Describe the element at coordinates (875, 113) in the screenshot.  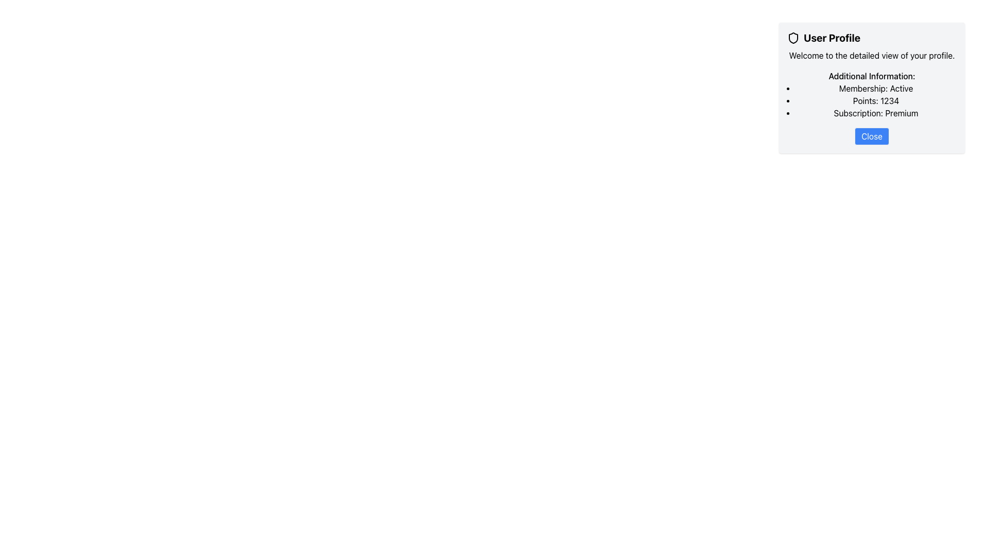
I see `the text label 'Subscription: Premium' which is the third item in the bullet-point list under the 'Additional Information:' heading in the user profile section` at that location.